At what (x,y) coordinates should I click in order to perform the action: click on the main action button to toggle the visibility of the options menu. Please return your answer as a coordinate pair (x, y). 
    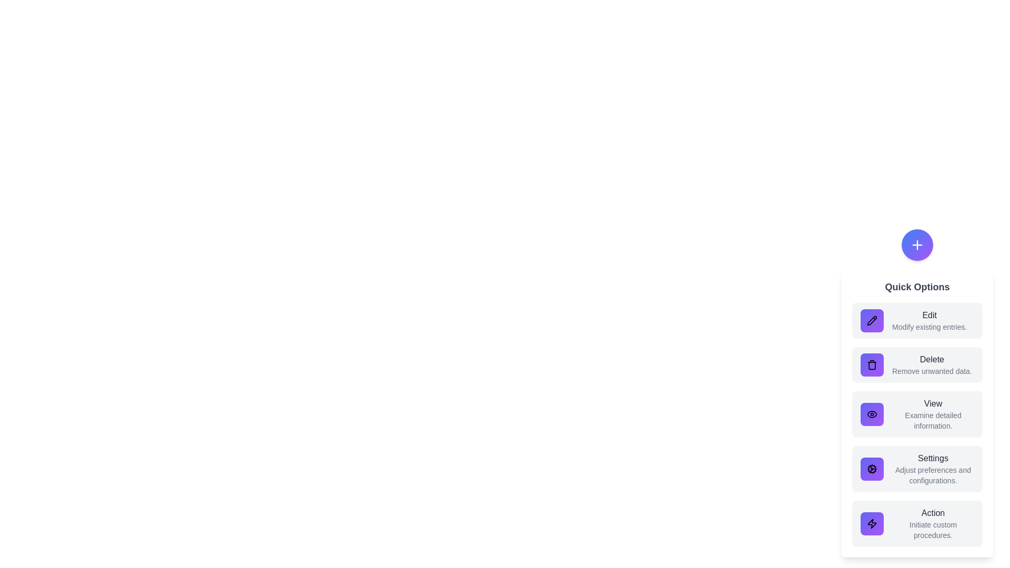
    Looking at the image, I should click on (916, 245).